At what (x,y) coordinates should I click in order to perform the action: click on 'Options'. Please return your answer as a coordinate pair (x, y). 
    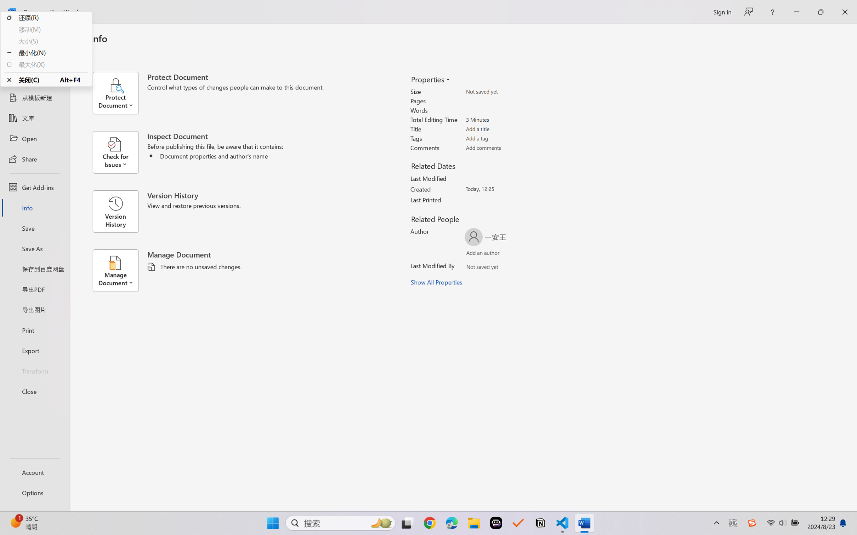
    Looking at the image, I should click on (34, 492).